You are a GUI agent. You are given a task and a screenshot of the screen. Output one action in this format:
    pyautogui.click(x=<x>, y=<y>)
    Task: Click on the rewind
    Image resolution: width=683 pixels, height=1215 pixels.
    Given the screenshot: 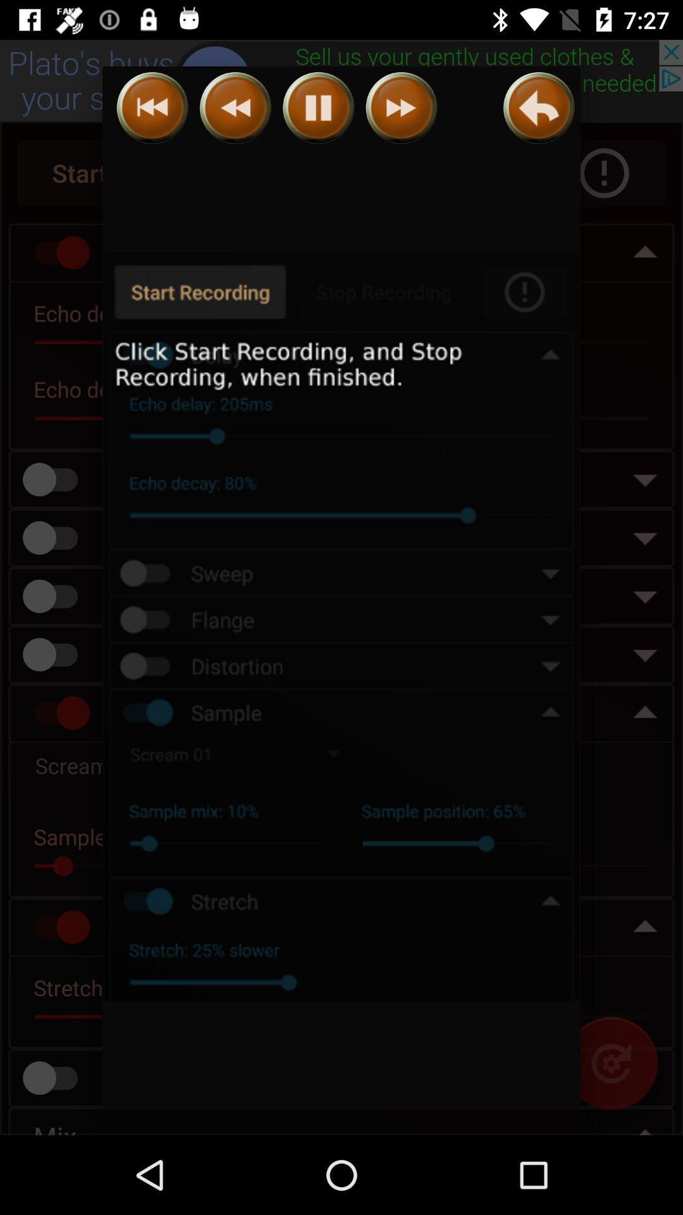 What is the action you would take?
    pyautogui.click(x=235, y=108)
    